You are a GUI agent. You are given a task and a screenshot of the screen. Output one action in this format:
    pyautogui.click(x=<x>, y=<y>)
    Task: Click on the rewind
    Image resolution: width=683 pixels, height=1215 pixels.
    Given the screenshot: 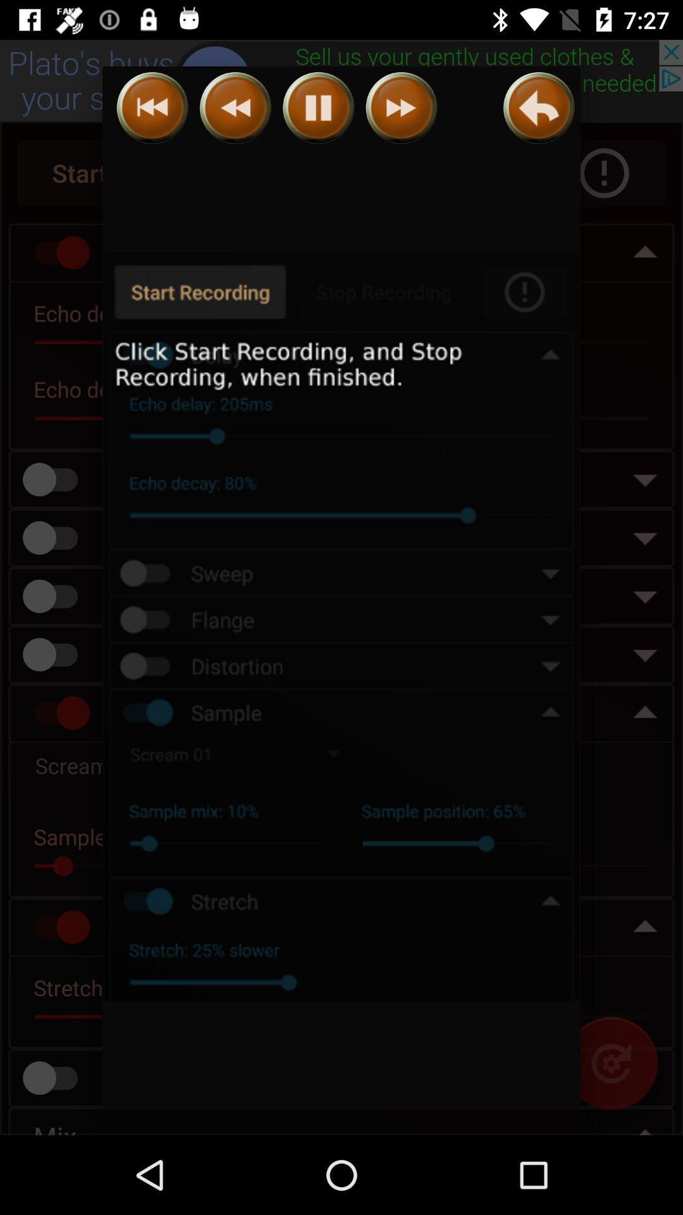 What is the action you would take?
    pyautogui.click(x=235, y=108)
    